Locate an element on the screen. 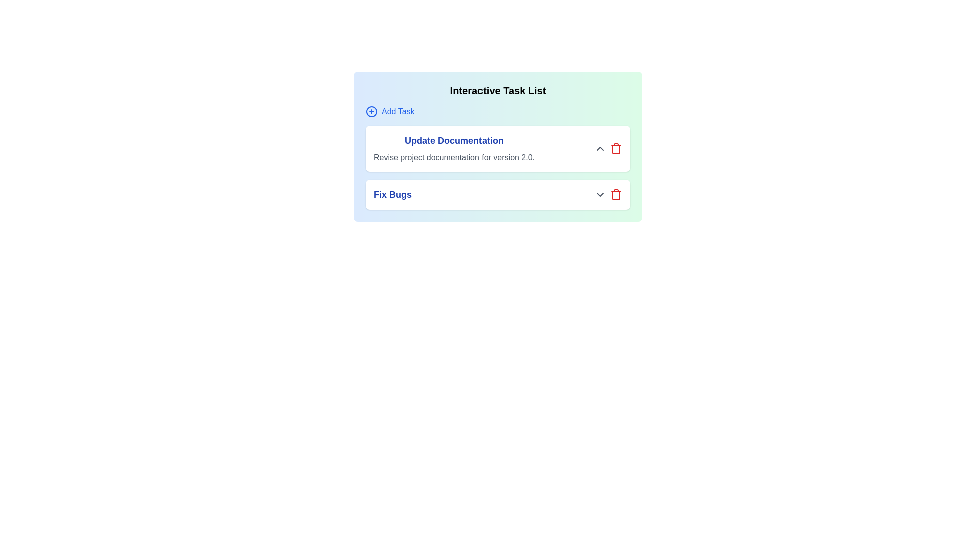 This screenshot has height=541, width=962. the 'Add Task' button to add a new task is located at coordinates (389, 112).